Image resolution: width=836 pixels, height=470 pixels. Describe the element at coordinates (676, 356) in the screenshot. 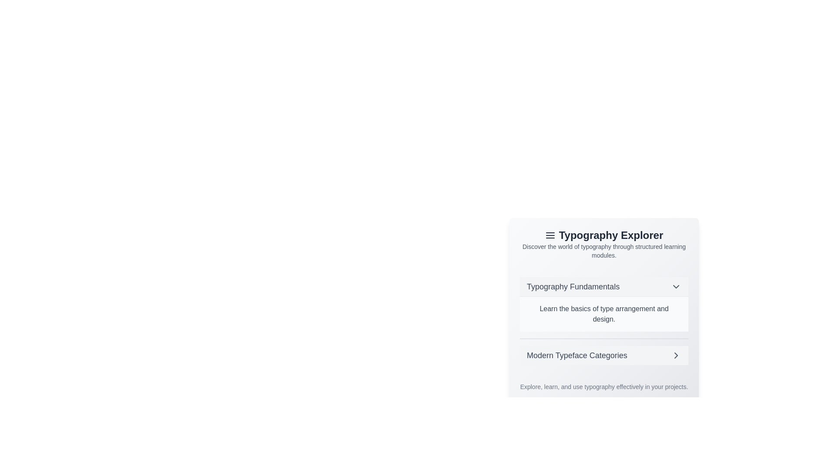

I see `the SVG-based navigational chevron icon pointing to the right, located next to the text 'Modern Typeface Categories'` at that location.